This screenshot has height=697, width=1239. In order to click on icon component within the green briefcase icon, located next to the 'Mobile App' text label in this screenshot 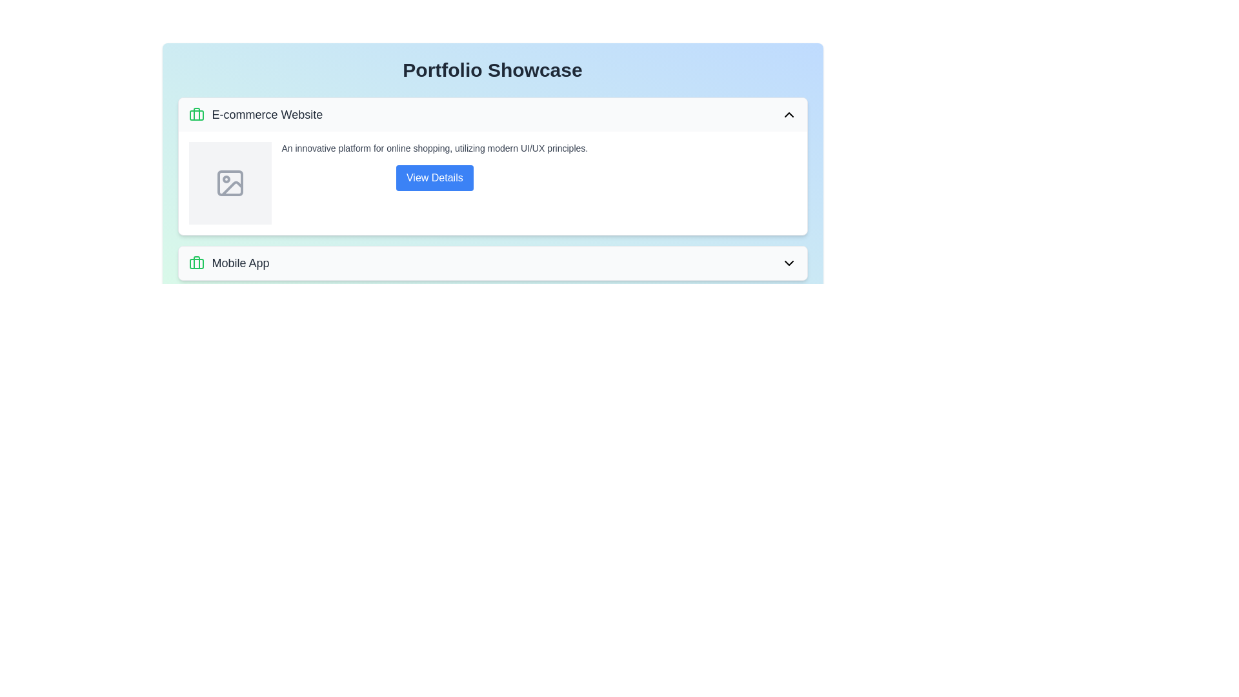, I will do `click(196, 263)`.